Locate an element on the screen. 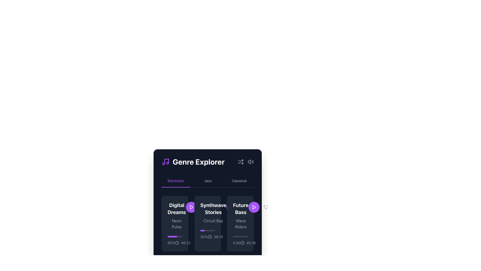 The image size is (481, 271). the gray speaker icon button located at the top-right corner of the 'Genre Explorer' section is located at coordinates (251, 162).